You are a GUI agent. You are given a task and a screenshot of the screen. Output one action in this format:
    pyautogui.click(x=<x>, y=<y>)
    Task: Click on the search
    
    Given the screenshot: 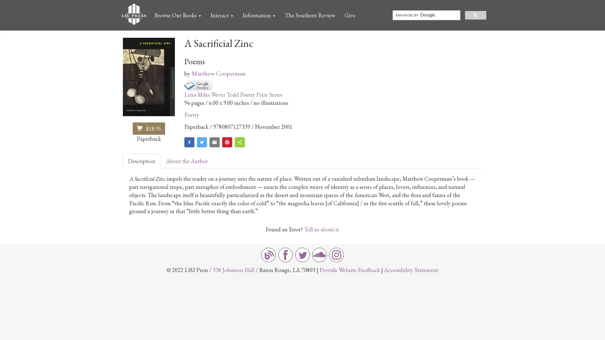 What is the action you would take?
    pyautogui.click(x=475, y=14)
    